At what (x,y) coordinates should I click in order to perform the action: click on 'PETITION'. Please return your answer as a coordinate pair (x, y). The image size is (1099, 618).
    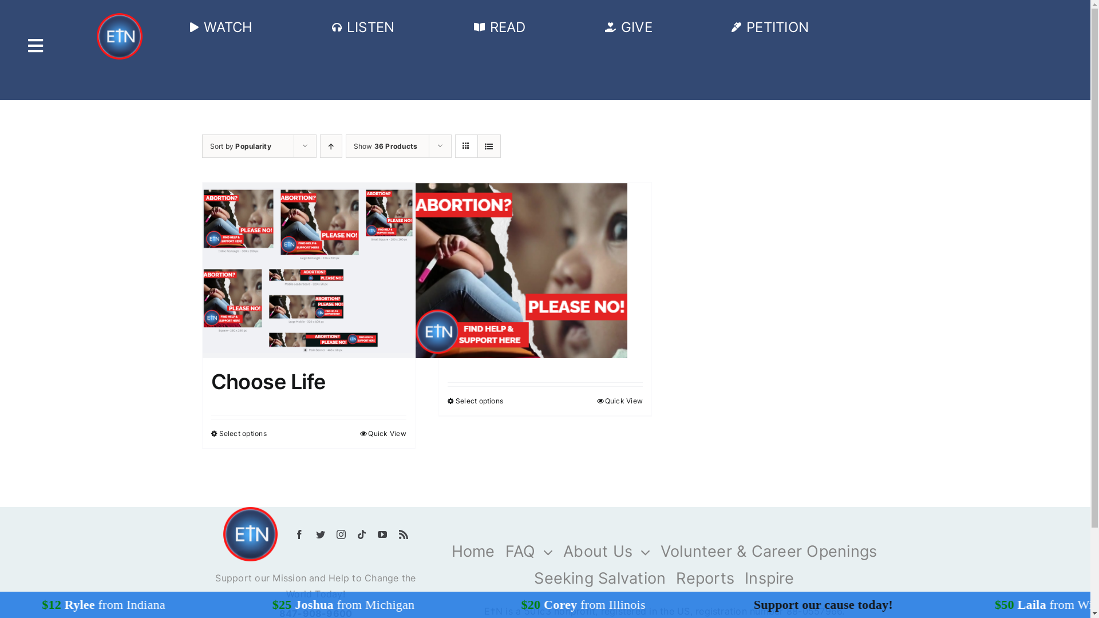
    Looking at the image, I should click on (768, 26).